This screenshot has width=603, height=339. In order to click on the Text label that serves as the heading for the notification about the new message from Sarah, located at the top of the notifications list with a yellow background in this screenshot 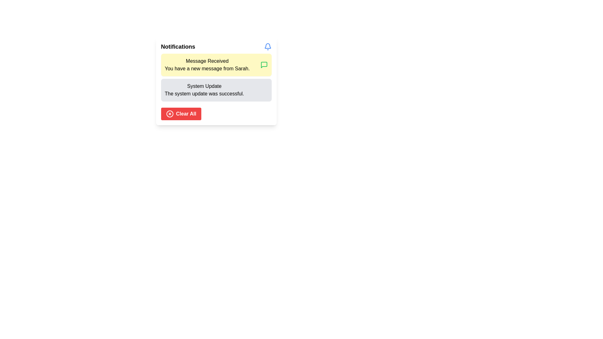, I will do `click(207, 61)`.